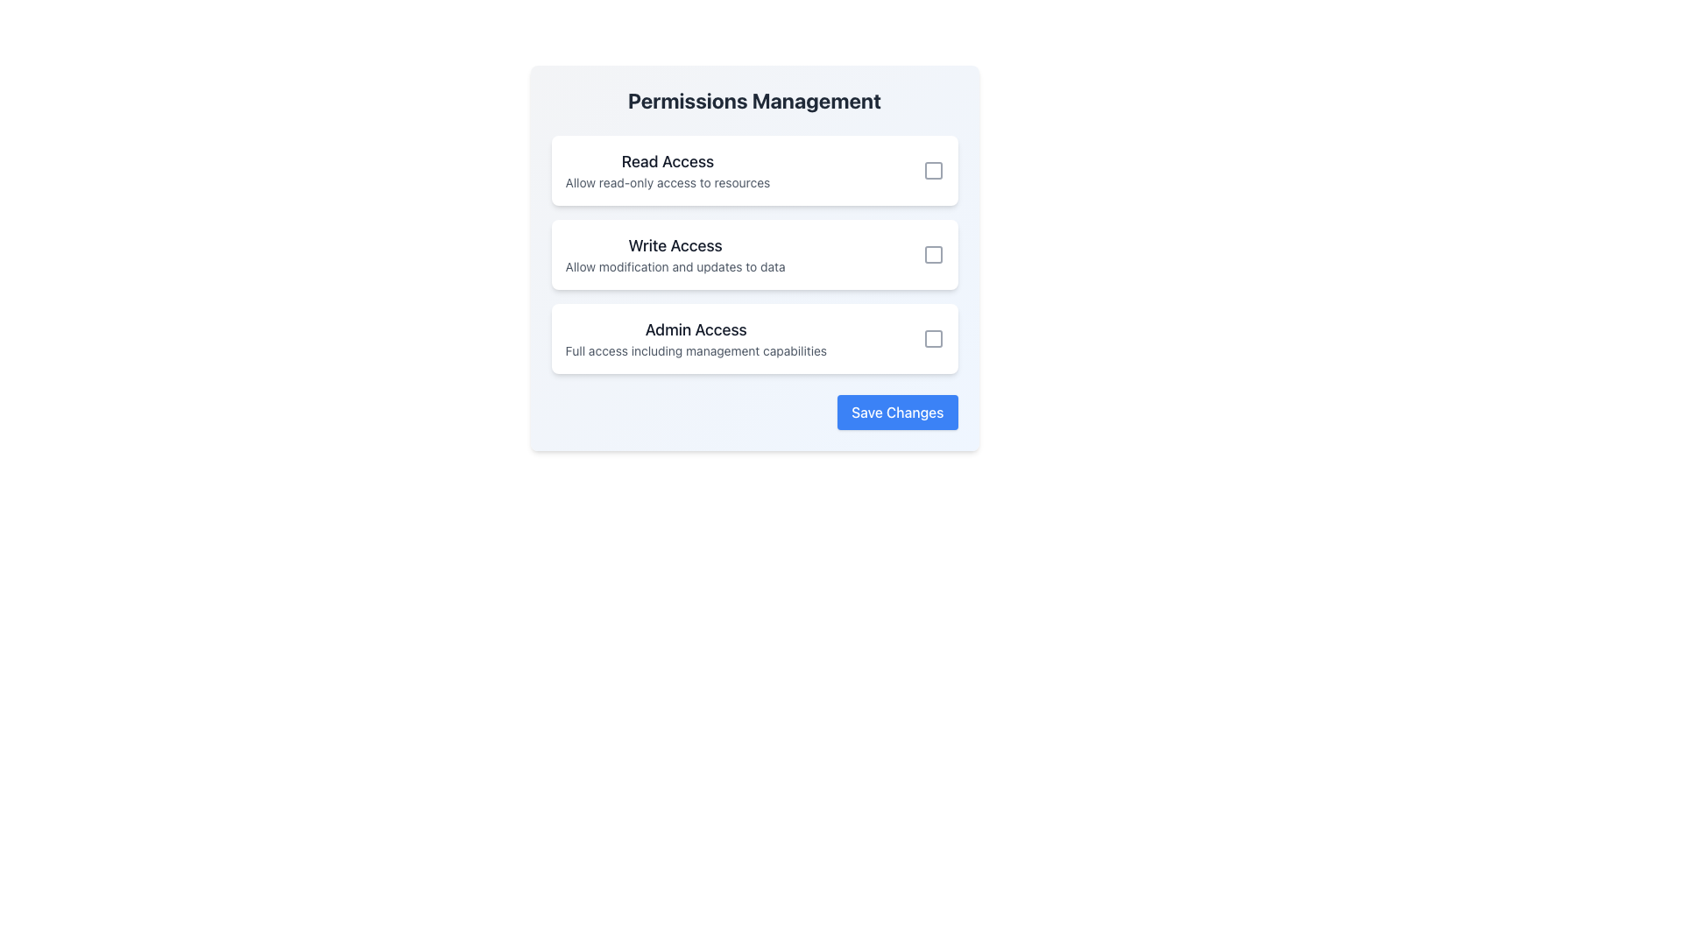 The image size is (1682, 946). I want to click on the 'Write Access' text label, which is the second permission option in the list, positioned between 'Read Access' and 'Admin Access', so click(675, 246).